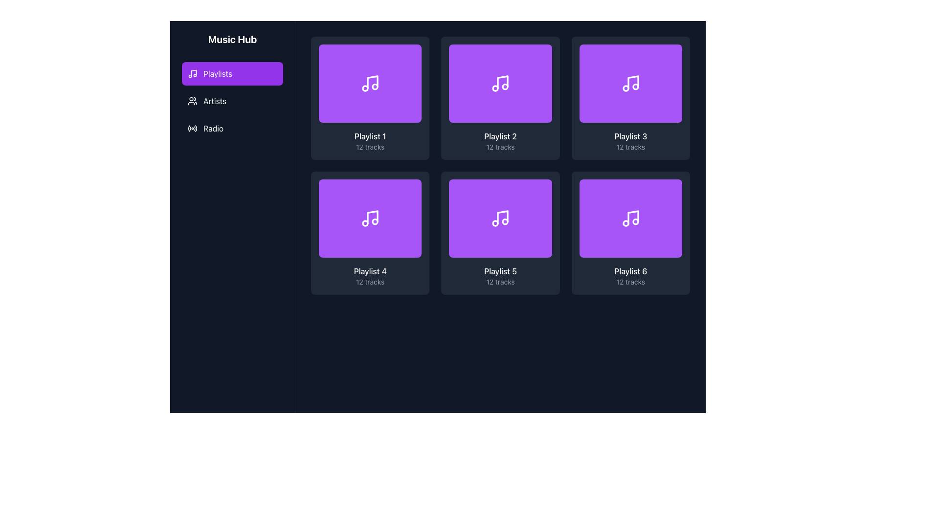  What do you see at coordinates (630, 271) in the screenshot?
I see `the 'Playlist 6' text label located at the bottom center of its tile with a purple background` at bounding box center [630, 271].